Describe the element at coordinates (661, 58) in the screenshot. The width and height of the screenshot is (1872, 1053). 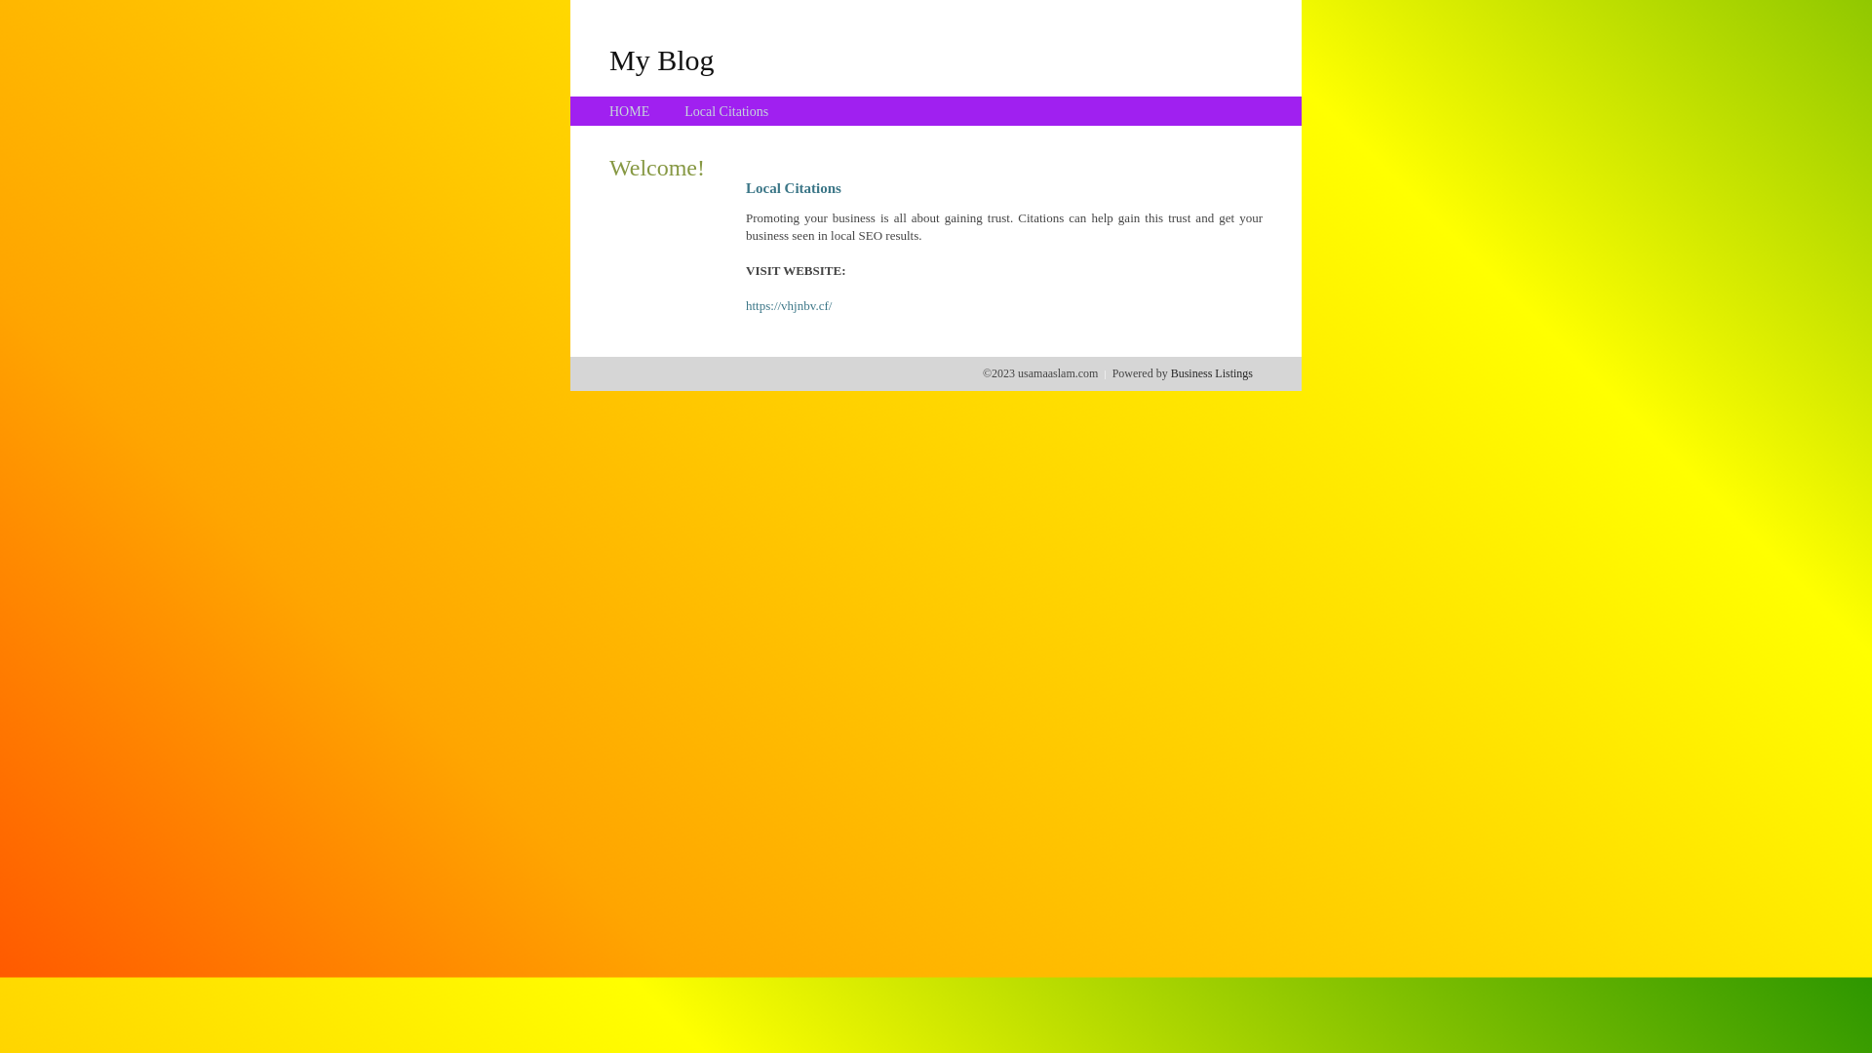
I see `'My Blog'` at that location.